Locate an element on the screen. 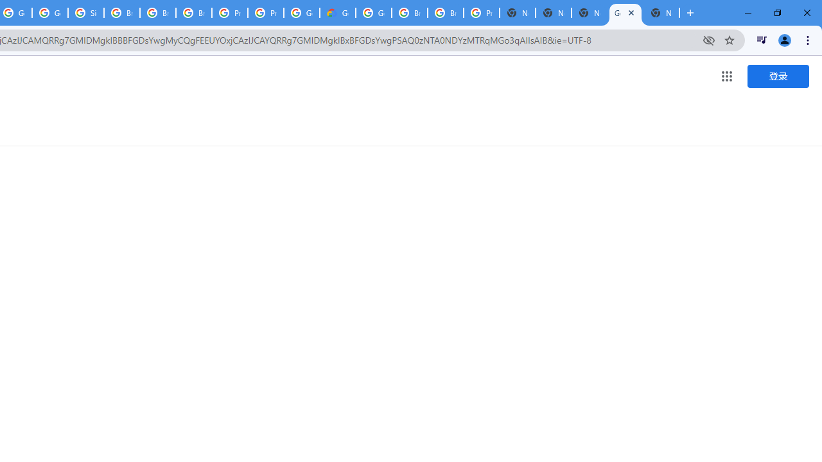  'Google Cloud Platform' is located at coordinates (373, 13).